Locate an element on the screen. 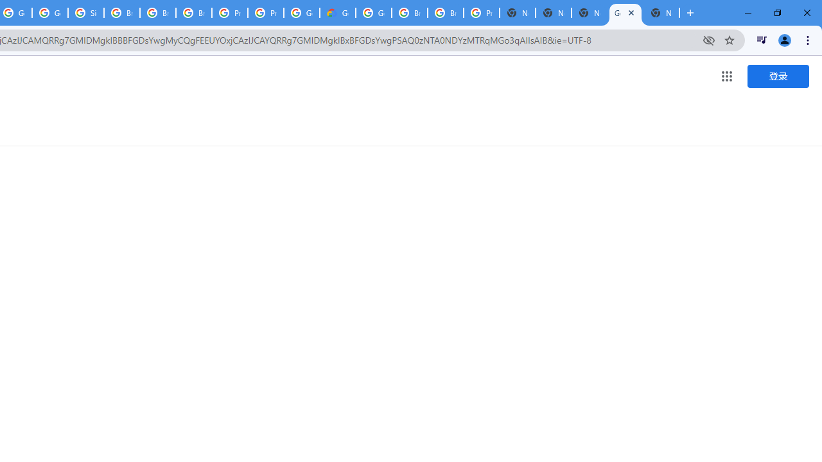  'Google Cloud Platform' is located at coordinates (373, 13).